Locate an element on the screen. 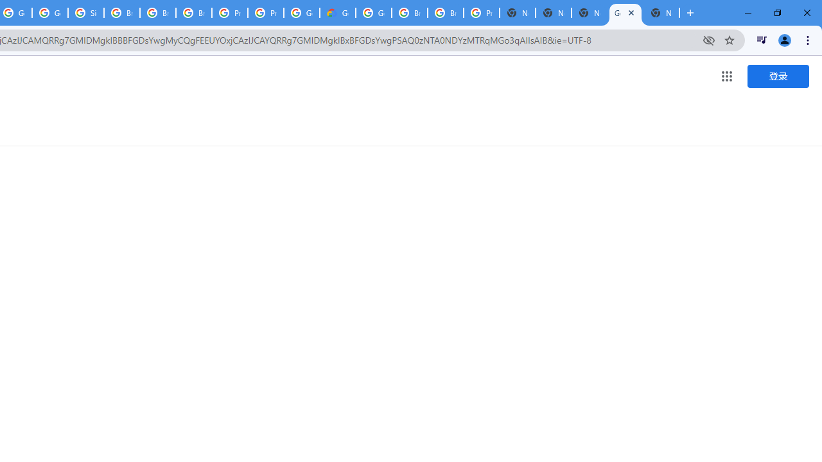  'Google Cloud Platform' is located at coordinates (373, 13).